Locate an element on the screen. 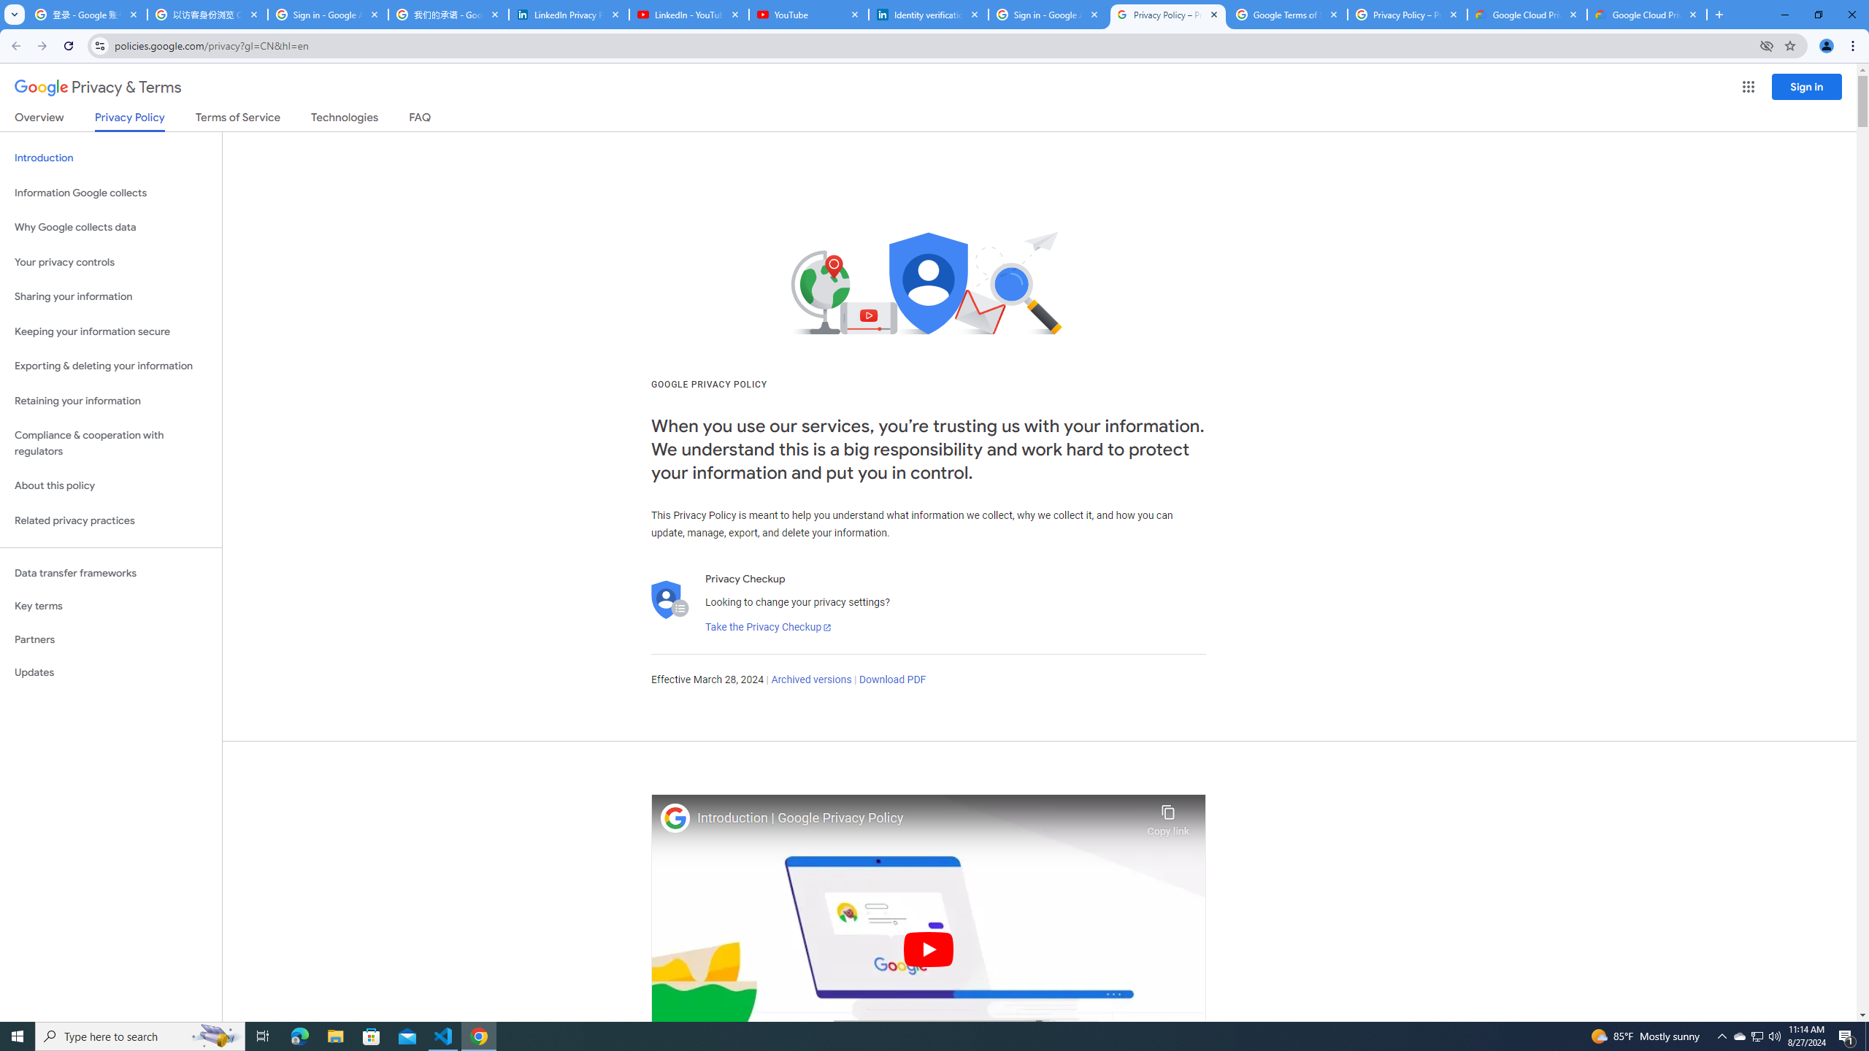 This screenshot has width=1869, height=1051. 'Keeping your information secure' is located at coordinates (110, 332).